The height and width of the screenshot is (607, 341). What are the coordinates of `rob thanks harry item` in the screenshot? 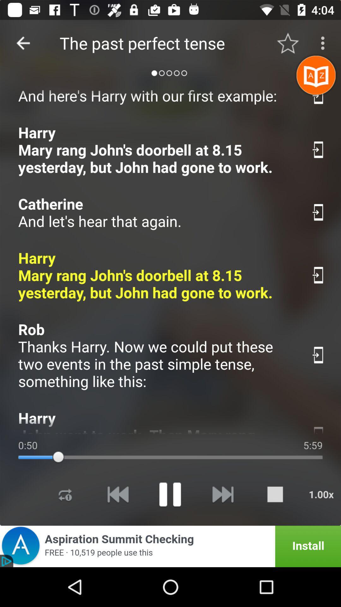 It's located at (158, 355).